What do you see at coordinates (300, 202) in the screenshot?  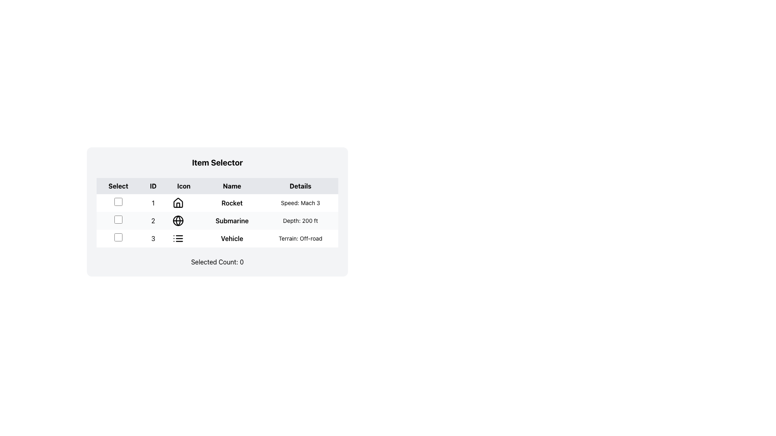 I see `the Text label providing speed characteristics associated with the 'Rocket' entry in the table, located in row '1' under the 'Details' column` at bounding box center [300, 202].